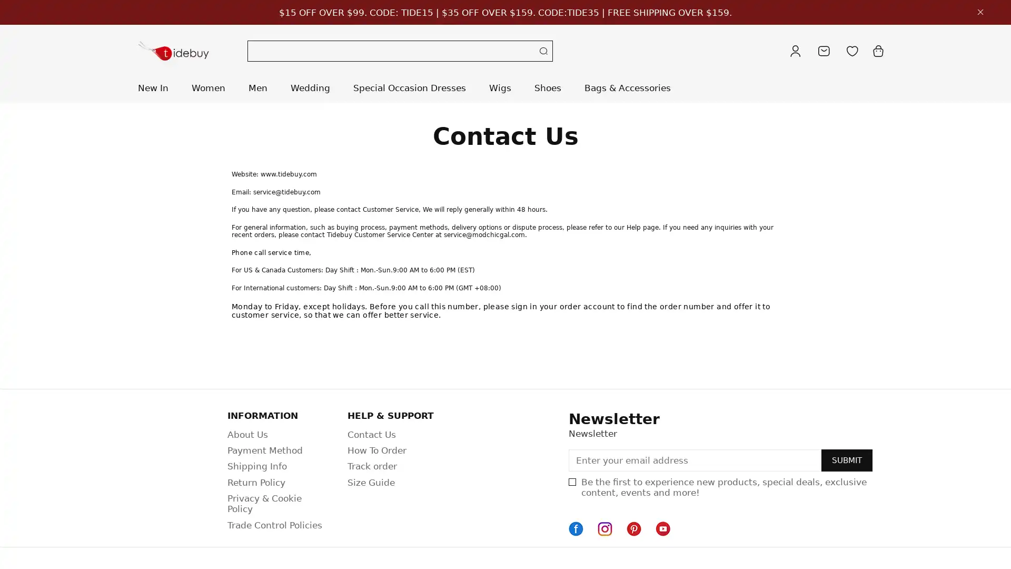 This screenshot has width=1011, height=569. What do you see at coordinates (849, 460) in the screenshot?
I see `SUBMIT` at bounding box center [849, 460].